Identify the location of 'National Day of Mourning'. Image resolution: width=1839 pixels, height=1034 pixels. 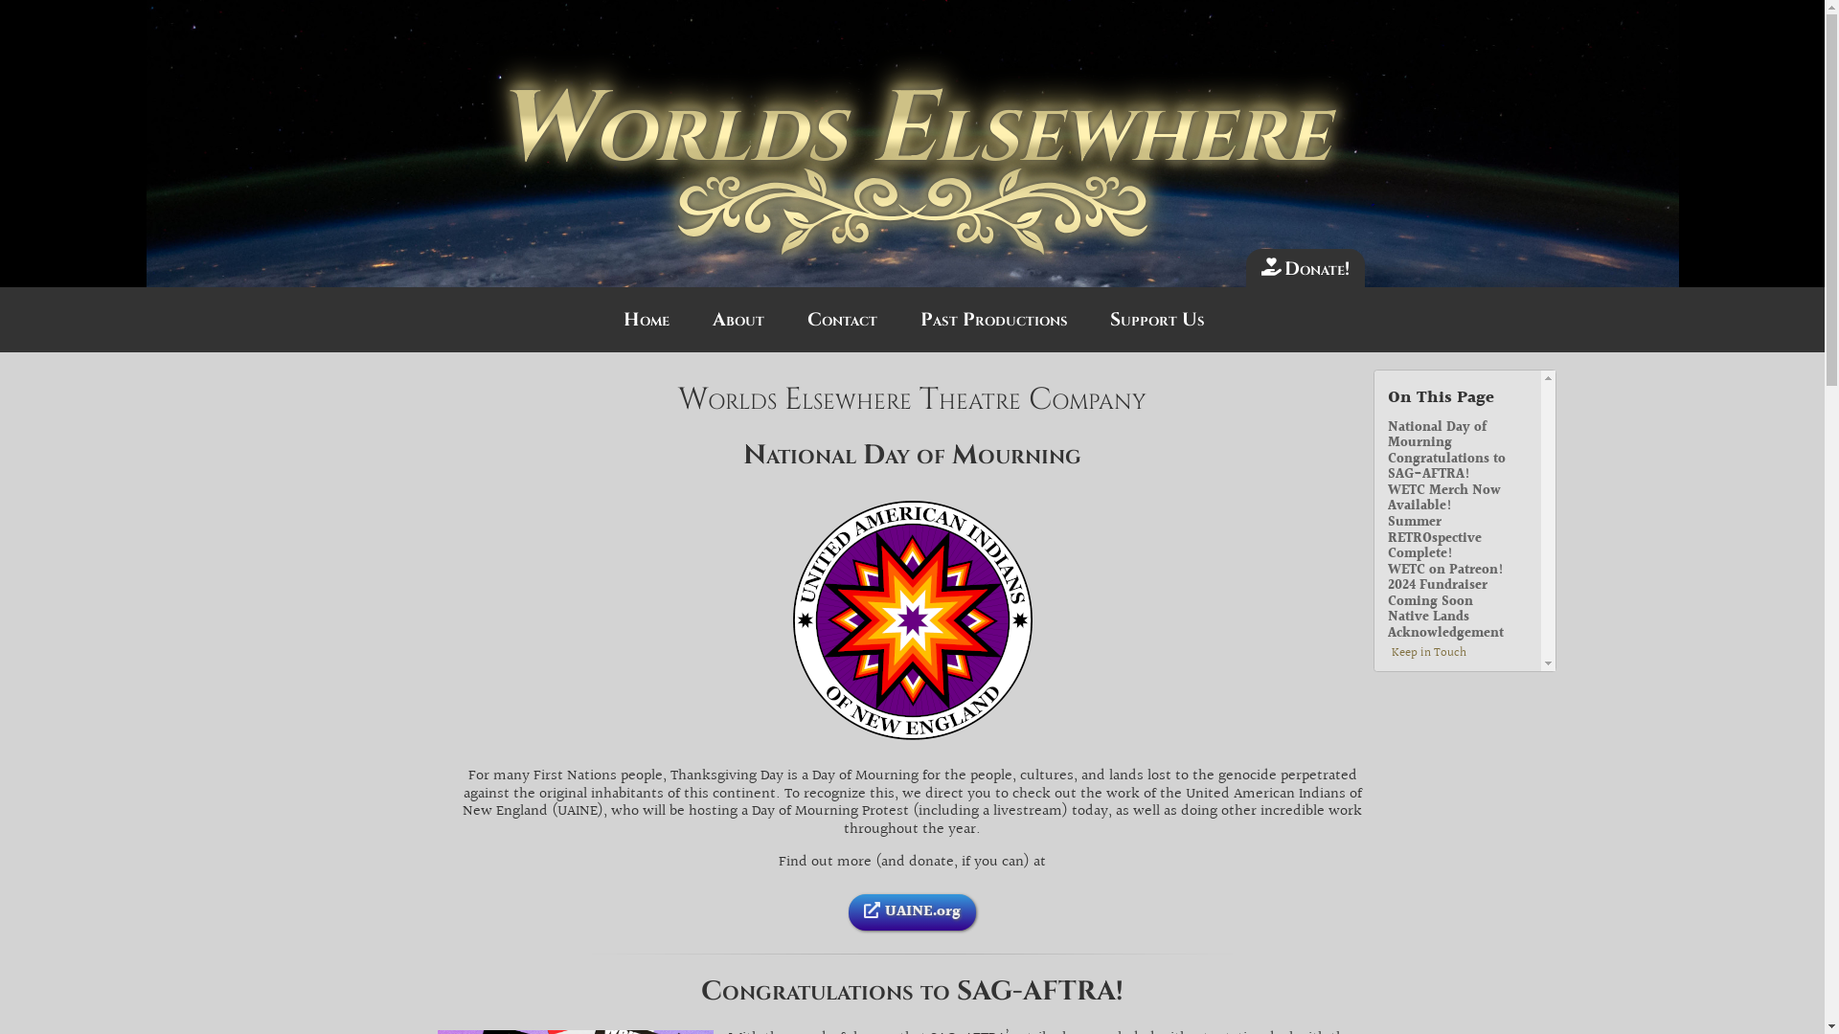
(1388, 436).